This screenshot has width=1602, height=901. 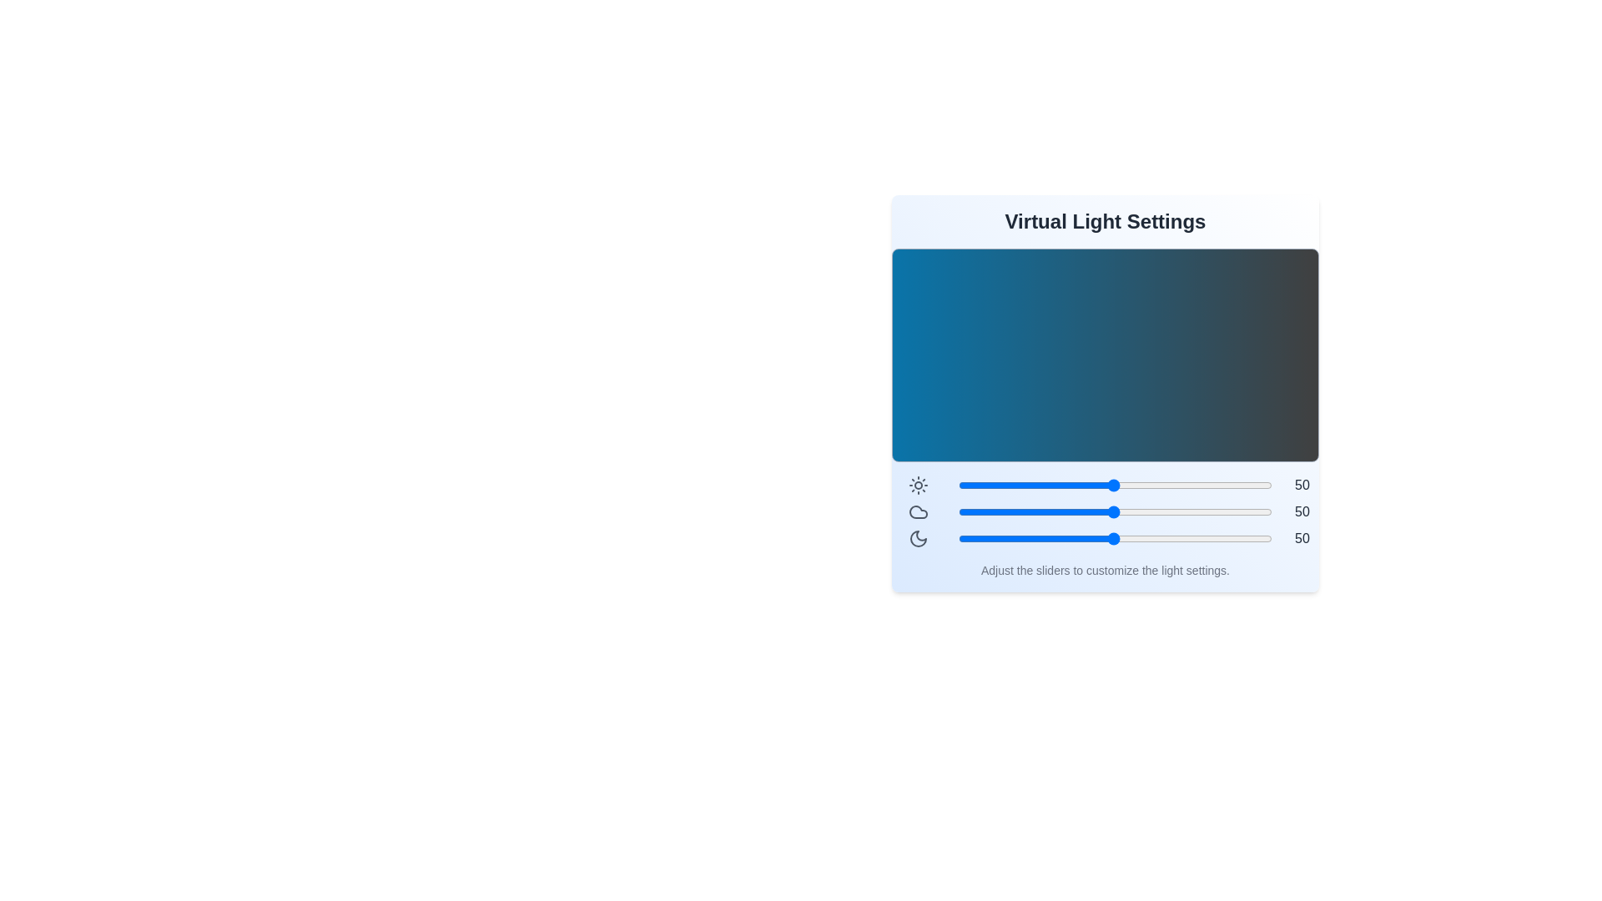 I want to click on the saturation slider to 97, so click(x=1262, y=538).